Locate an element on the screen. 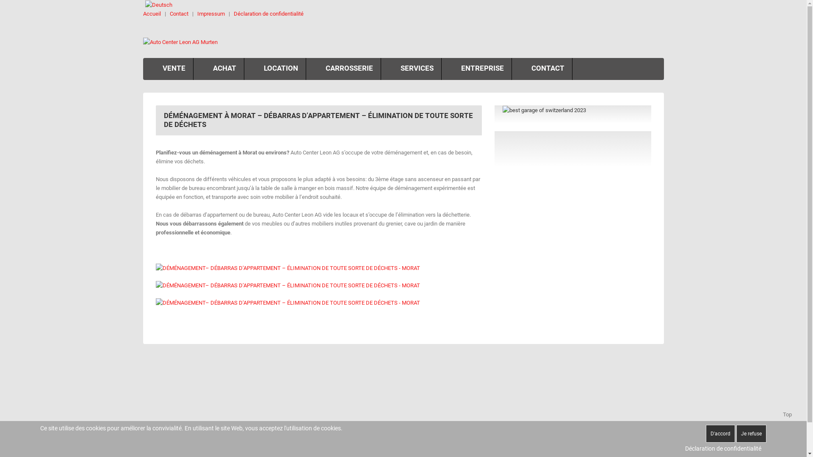 This screenshot has height=457, width=813. 'D'accord' is located at coordinates (720, 434).